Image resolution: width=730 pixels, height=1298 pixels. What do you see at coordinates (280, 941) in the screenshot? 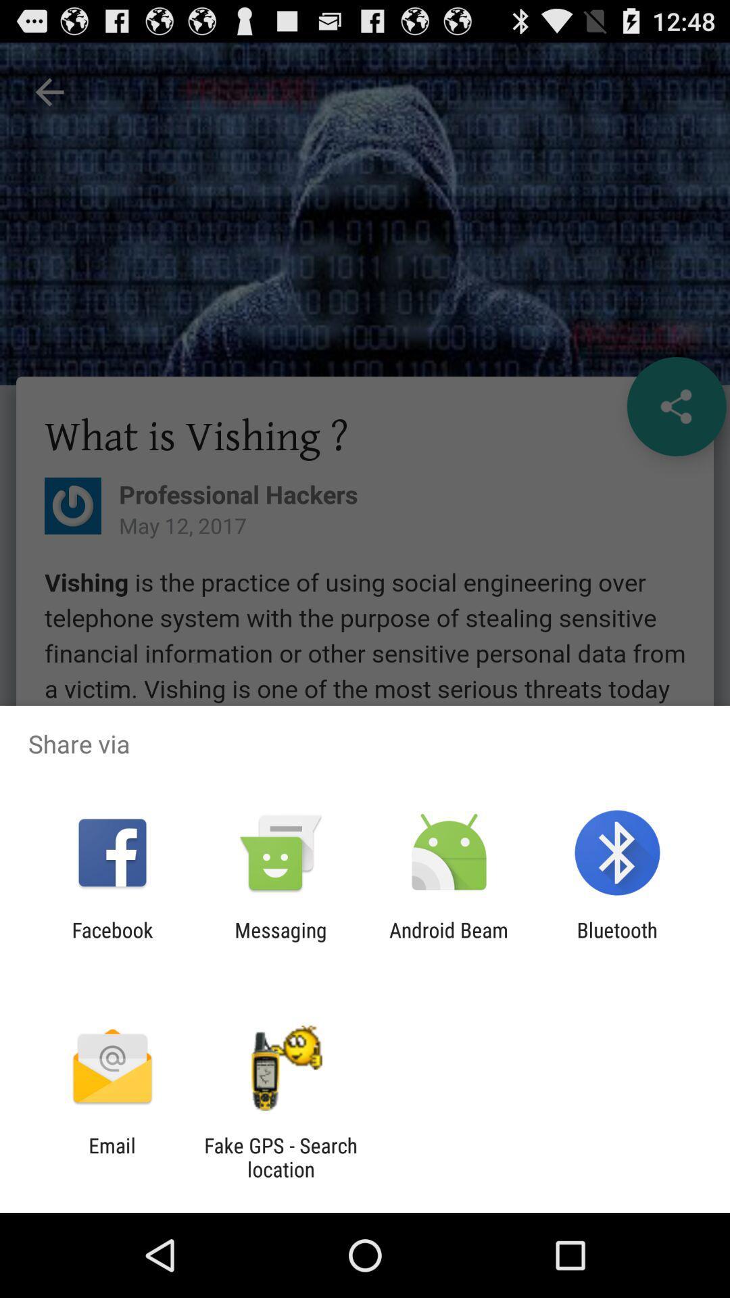
I see `item next to the android beam app` at bounding box center [280, 941].